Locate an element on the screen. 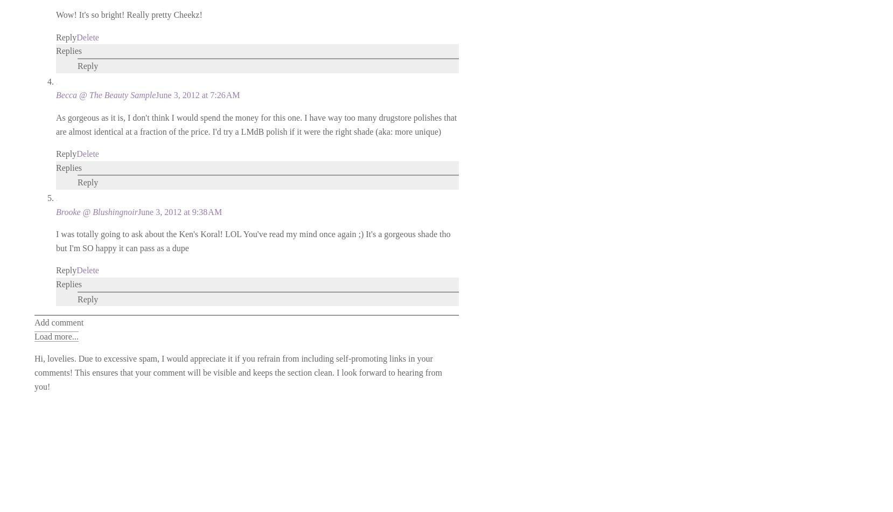  'June 3, 2012 at 9:38 AM' is located at coordinates (179, 211).